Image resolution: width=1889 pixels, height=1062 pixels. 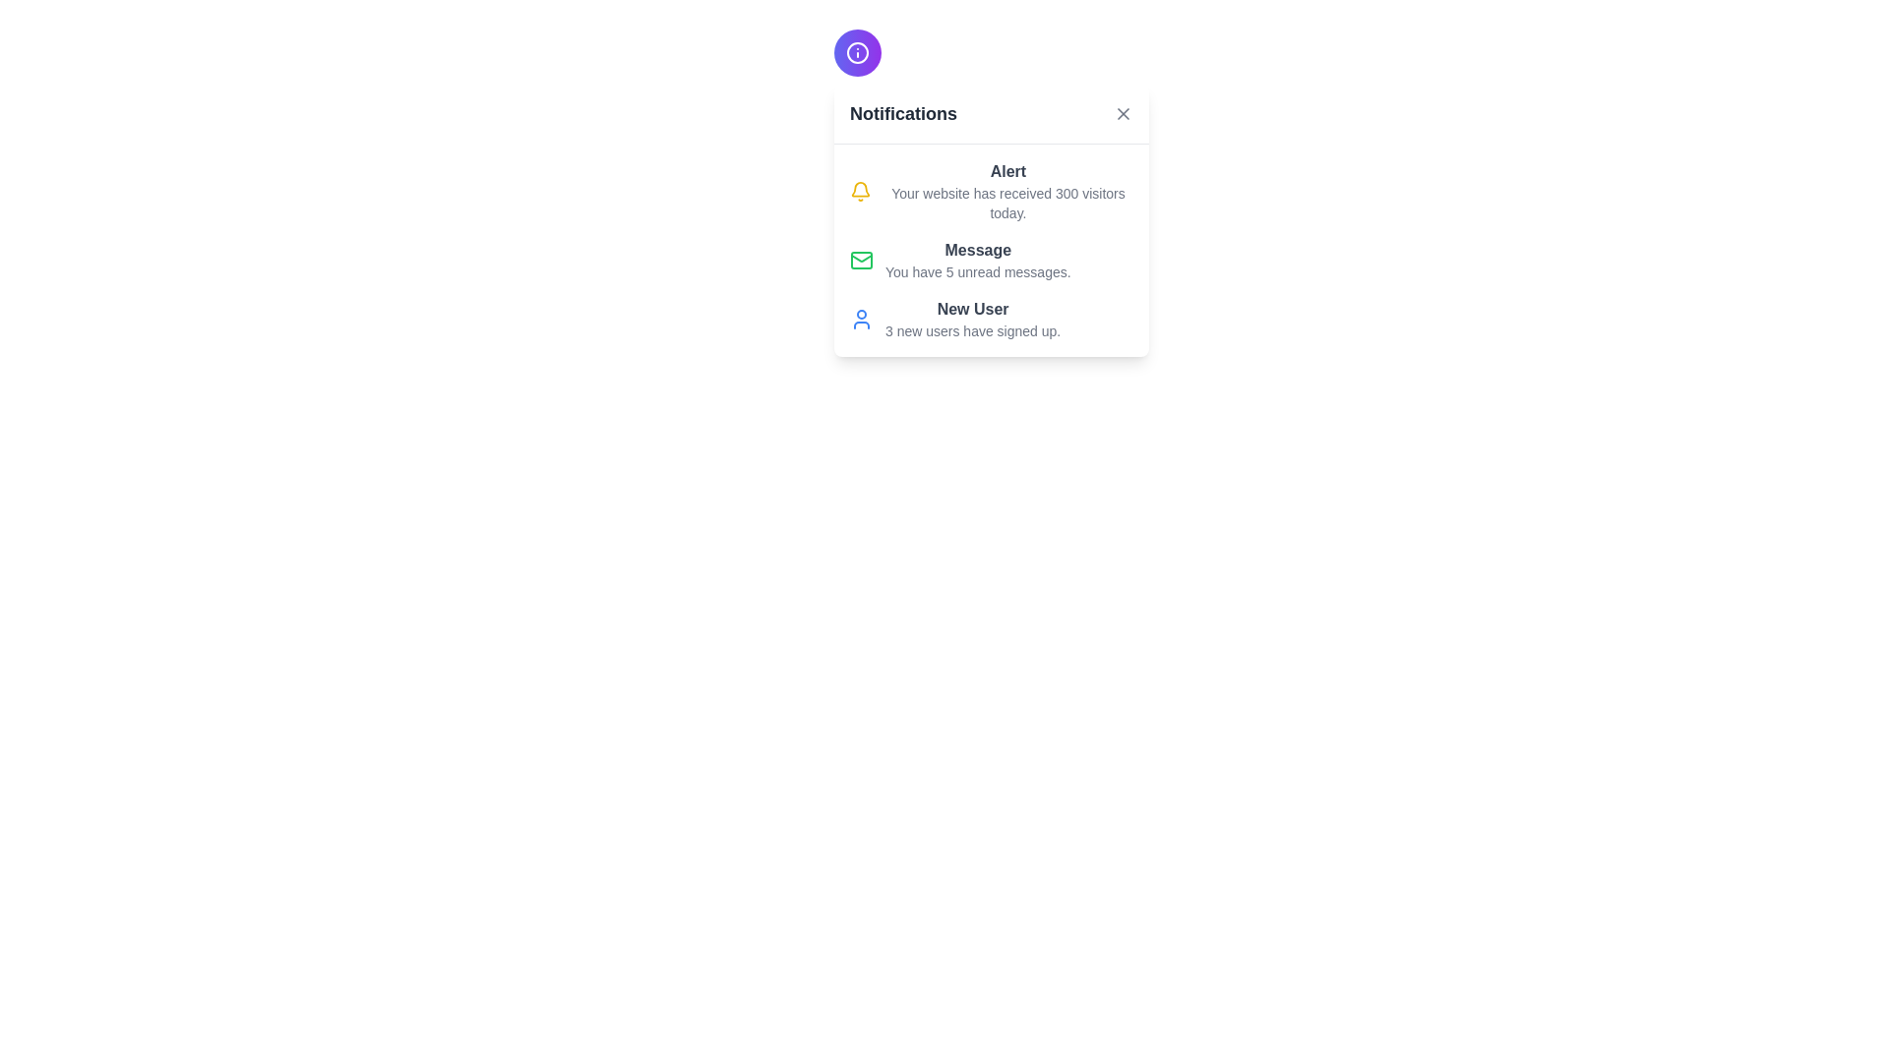 I want to click on text content of the Notification item that informs the user about their unread messages count, which is the second item in the notification card list, so click(x=992, y=260).